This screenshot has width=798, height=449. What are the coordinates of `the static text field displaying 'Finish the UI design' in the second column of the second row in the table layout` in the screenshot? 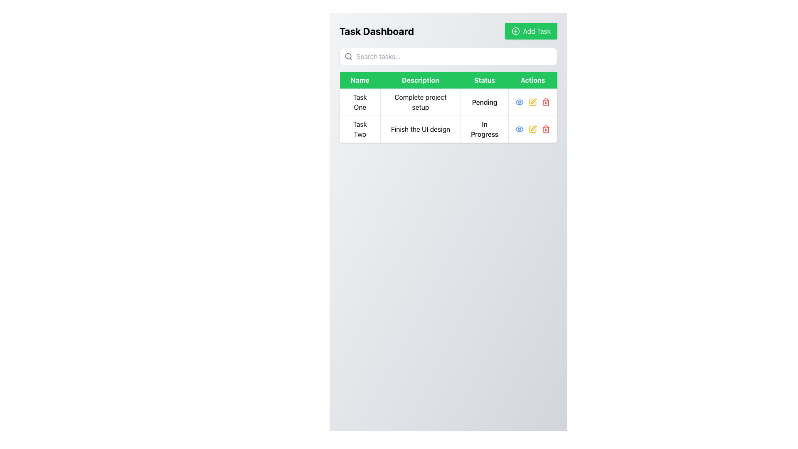 It's located at (421, 129).